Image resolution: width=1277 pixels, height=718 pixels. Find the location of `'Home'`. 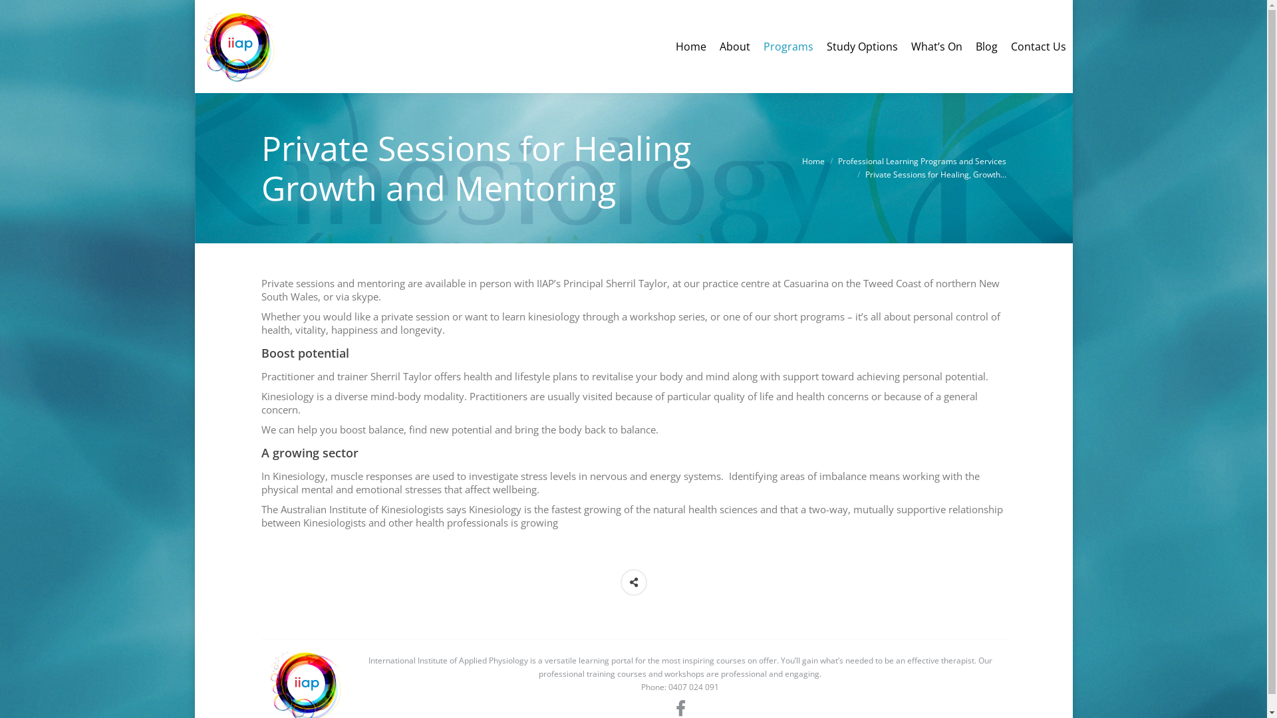

'Home' is located at coordinates (813, 160).